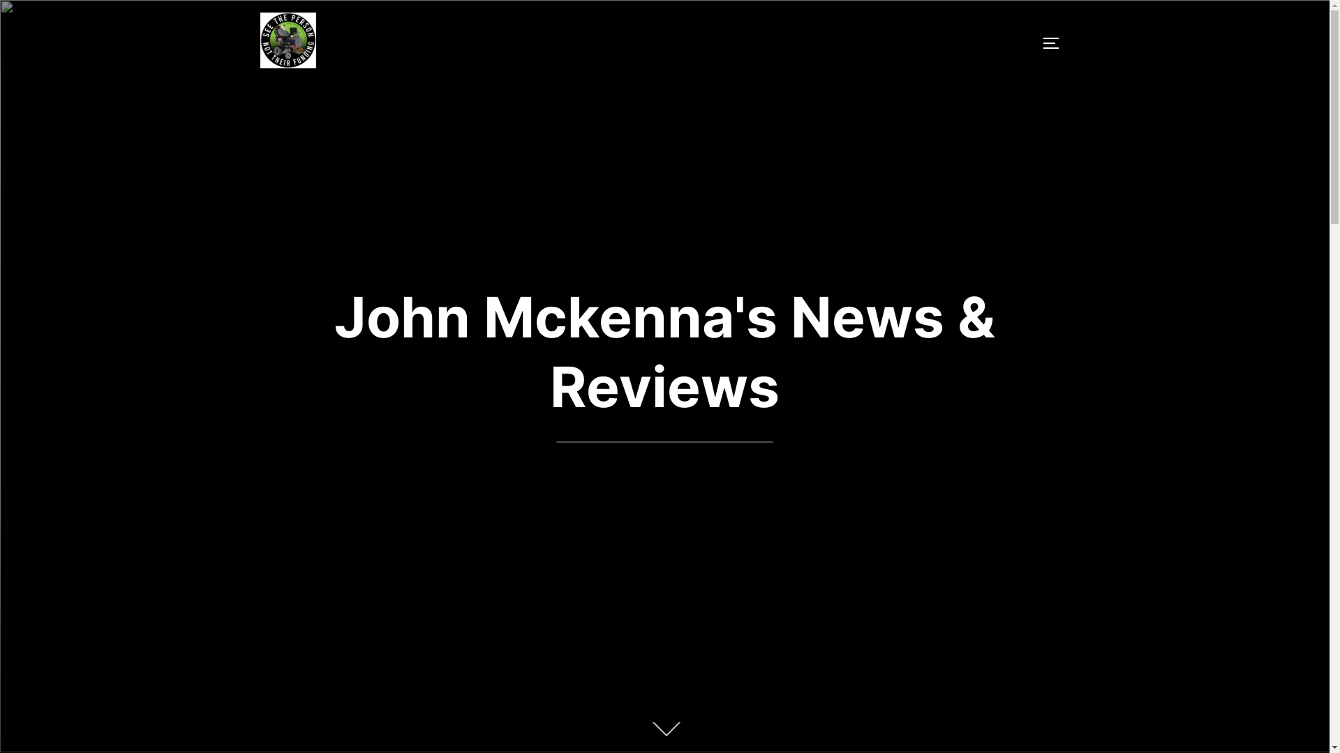  What do you see at coordinates (663, 730) in the screenshot?
I see `'Scroll down to content'` at bounding box center [663, 730].